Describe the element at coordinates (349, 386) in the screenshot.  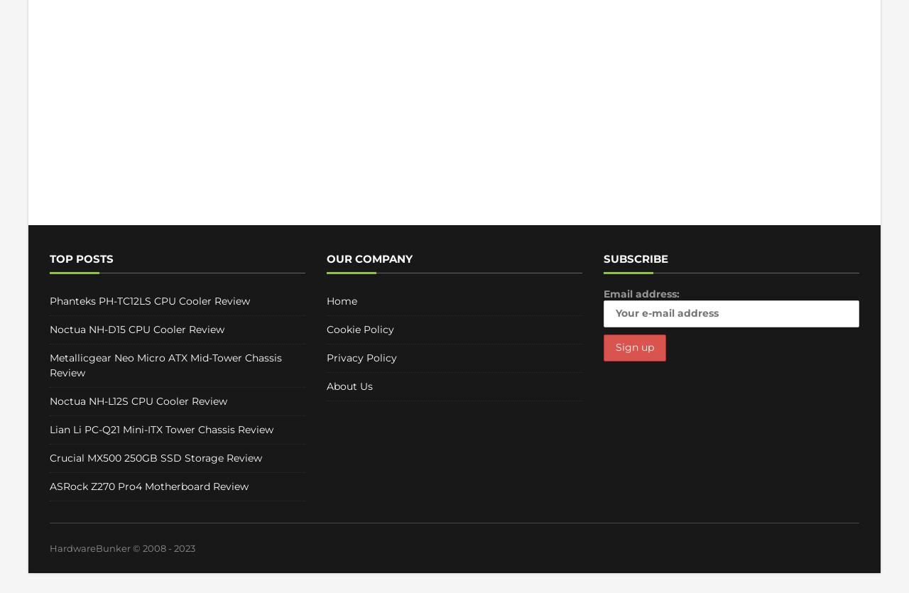
I see `'About Us'` at that location.